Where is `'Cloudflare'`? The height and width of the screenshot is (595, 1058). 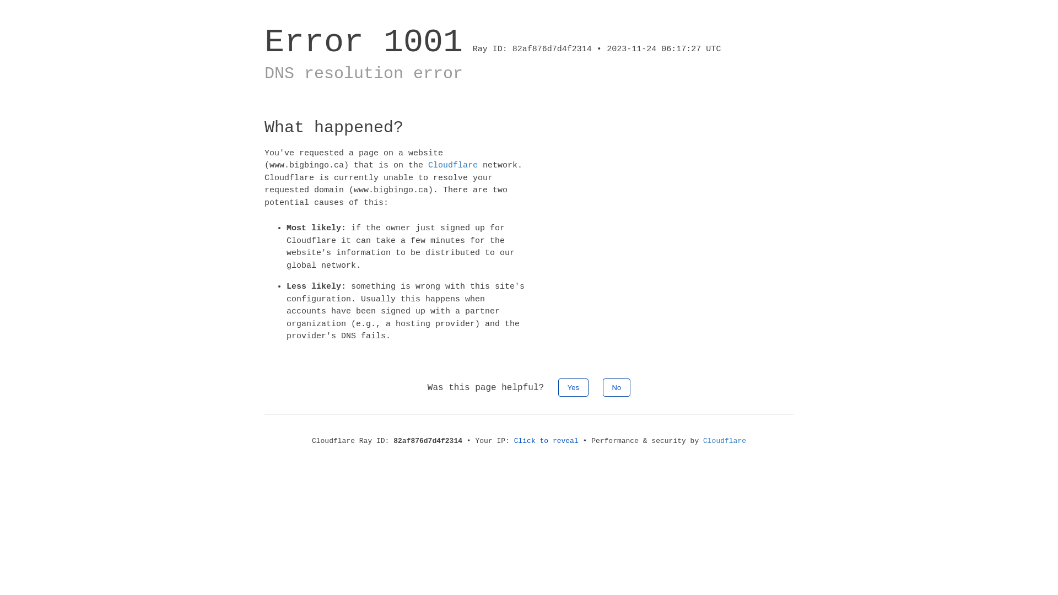
'Cloudflare' is located at coordinates (452, 165).